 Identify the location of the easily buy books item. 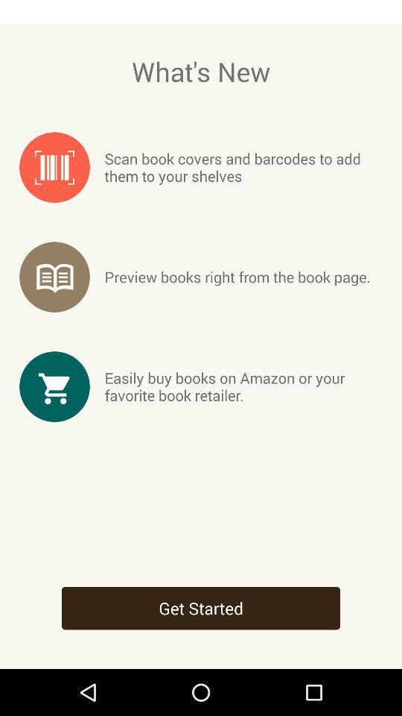
(243, 386).